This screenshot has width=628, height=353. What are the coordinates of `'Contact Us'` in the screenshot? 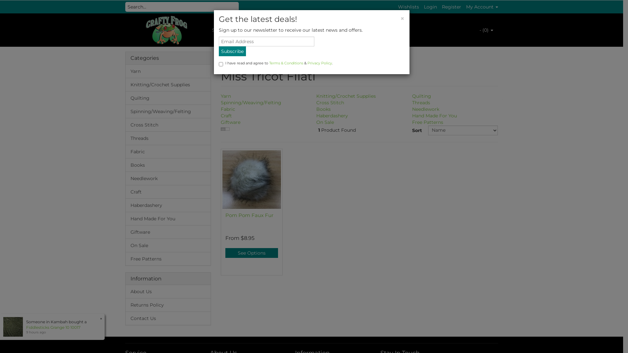 It's located at (168, 318).